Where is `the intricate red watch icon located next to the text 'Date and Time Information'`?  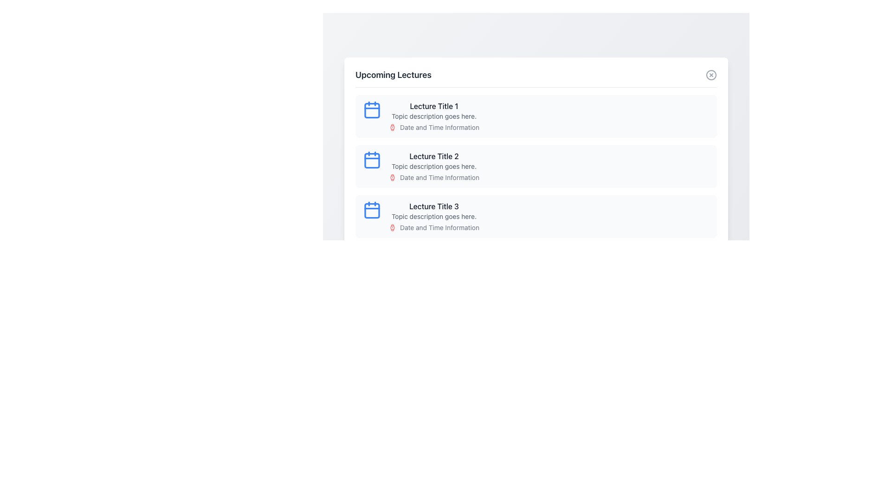 the intricate red watch icon located next to the text 'Date and Time Information' is located at coordinates (392, 177).